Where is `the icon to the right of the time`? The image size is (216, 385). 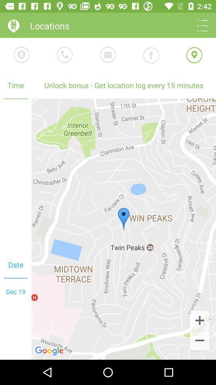
the icon to the right of the time is located at coordinates (124, 85).